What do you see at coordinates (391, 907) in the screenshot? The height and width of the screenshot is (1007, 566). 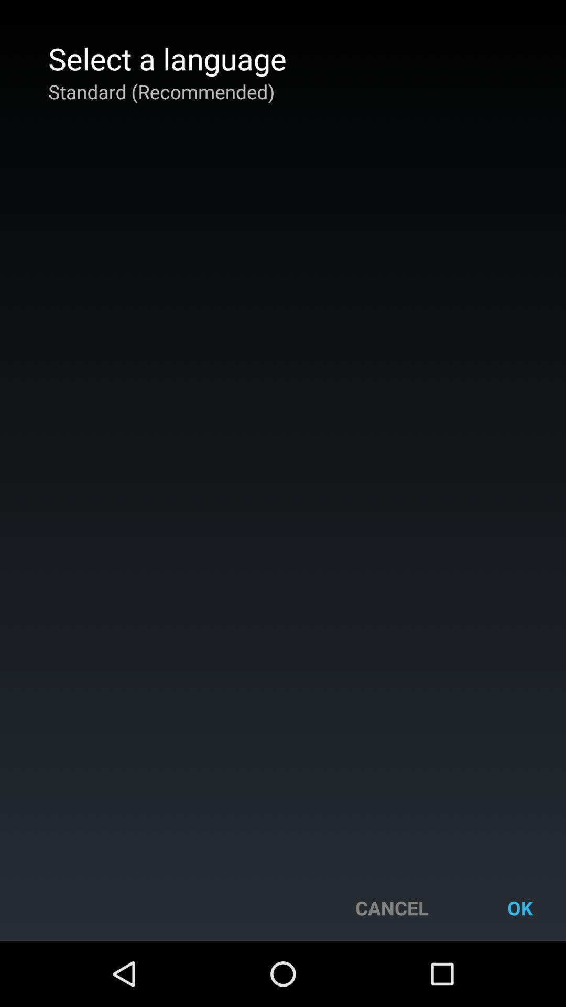 I see `cancel button` at bounding box center [391, 907].